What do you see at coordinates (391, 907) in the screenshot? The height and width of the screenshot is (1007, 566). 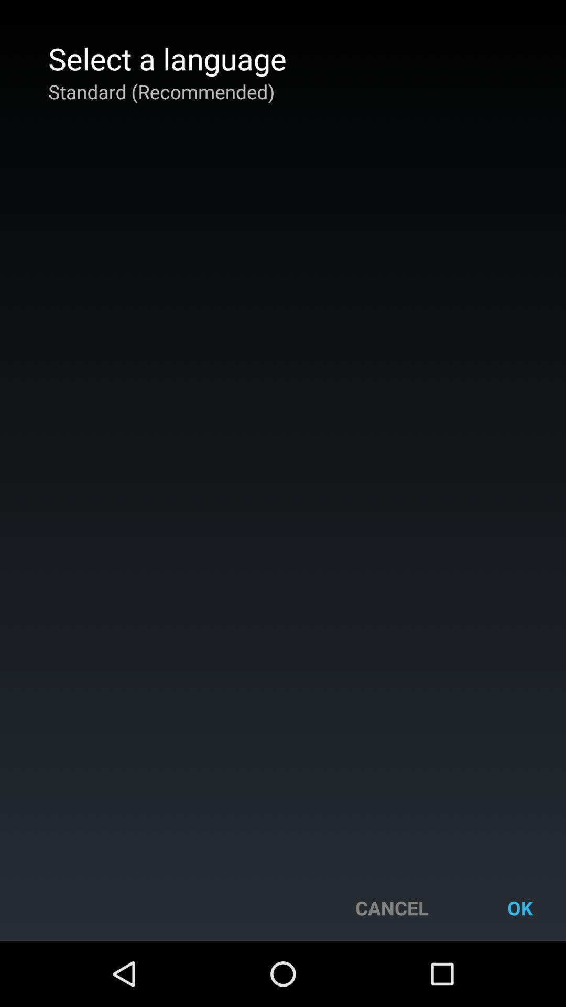 I see `cancel button` at bounding box center [391, 907].